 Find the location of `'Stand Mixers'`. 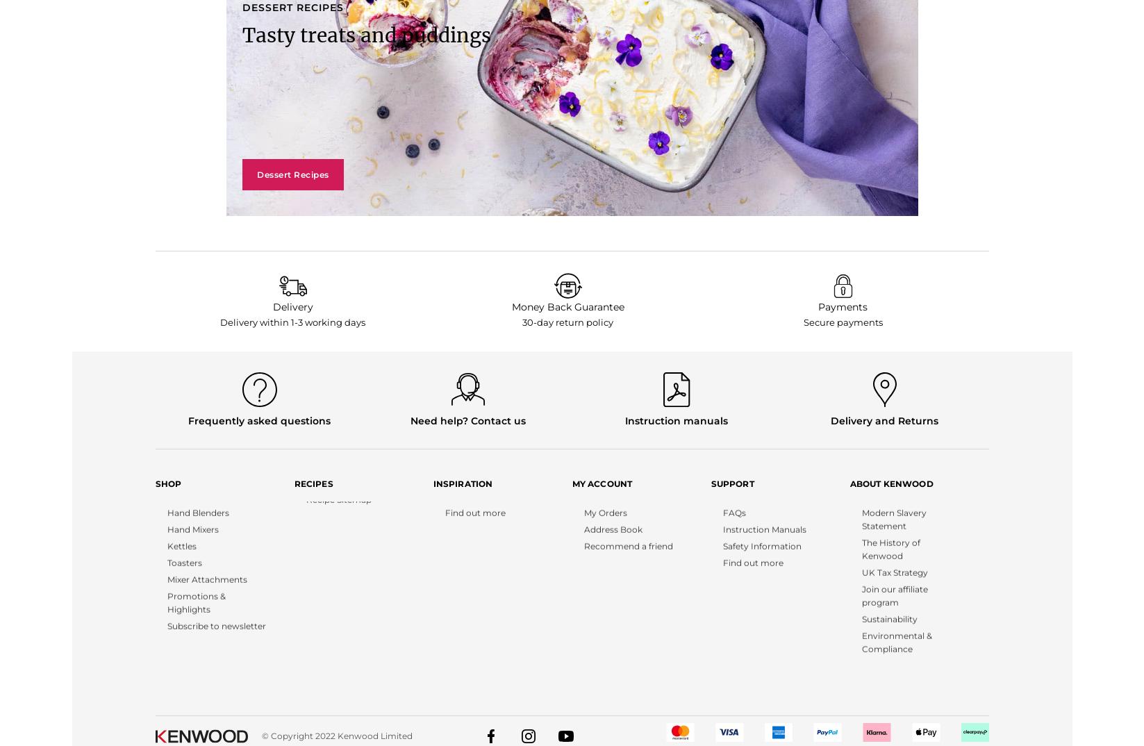

'Stand Mixers' is located at coordinates (181, 508).